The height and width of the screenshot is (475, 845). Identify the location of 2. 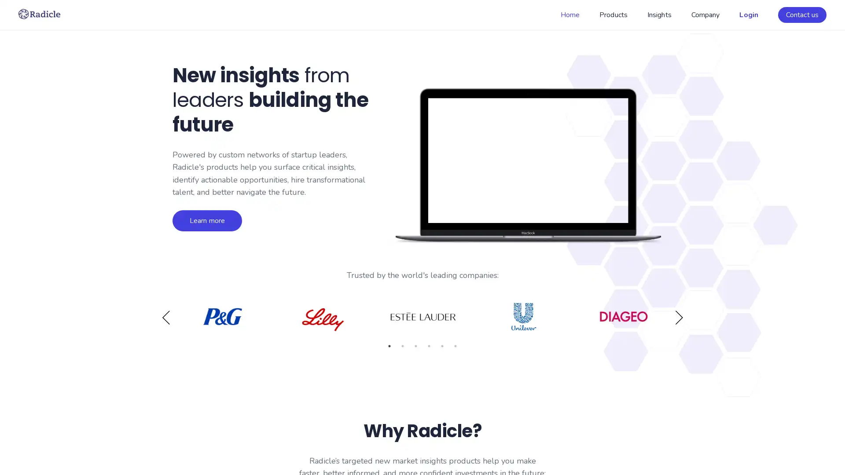
(402, 345).